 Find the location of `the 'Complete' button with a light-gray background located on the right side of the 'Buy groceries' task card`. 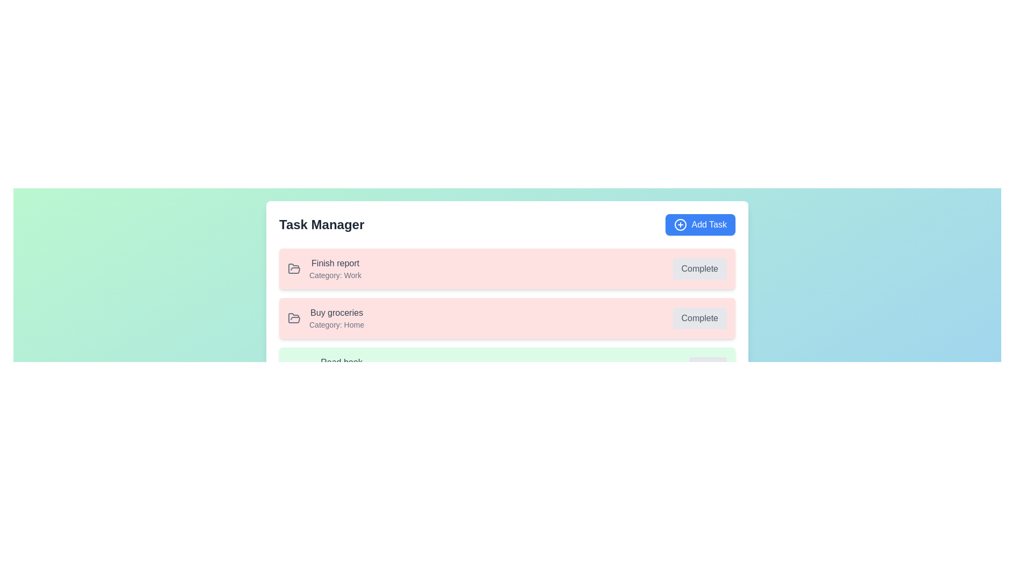

the 'Complete' button with a light-gray background located on the right side of the 'Buy groceries' task card is located at coordinates (699, 317).